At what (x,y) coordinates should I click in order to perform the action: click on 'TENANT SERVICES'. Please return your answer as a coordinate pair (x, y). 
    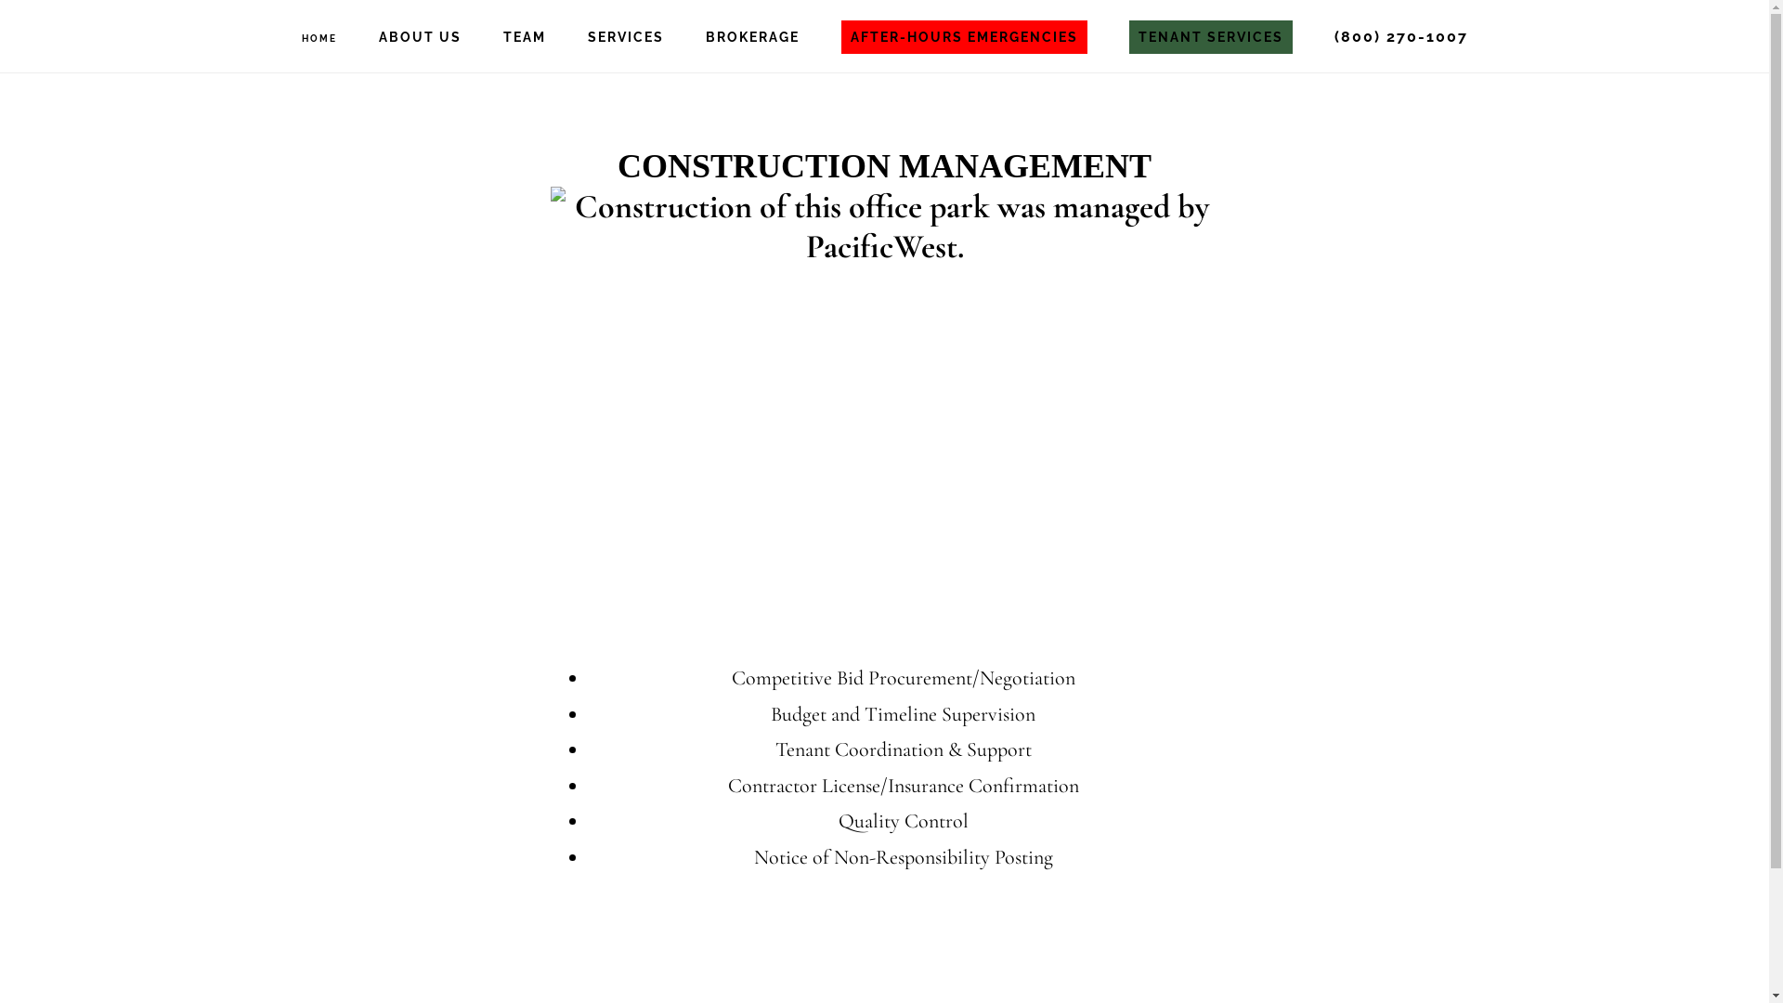
    Looking at the image, I should click on (1211, 36).